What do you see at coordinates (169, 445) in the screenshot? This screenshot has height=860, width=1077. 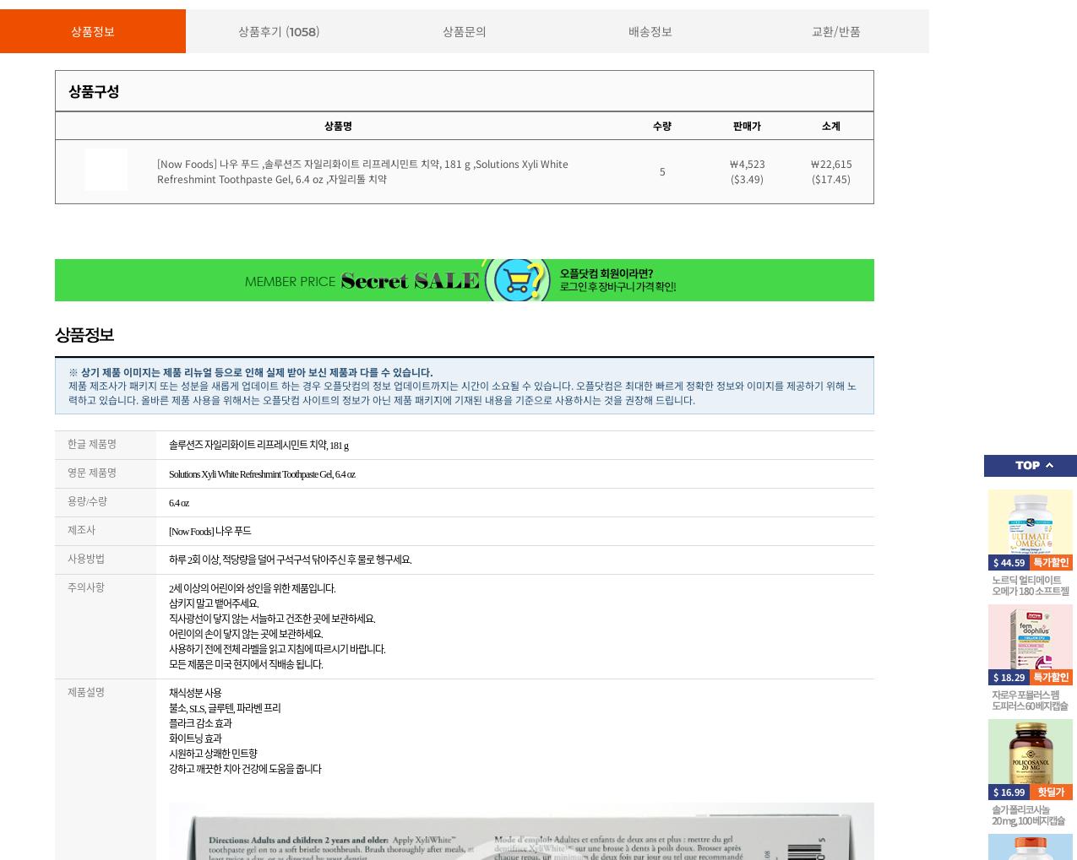 I see `'솔루션즈 자일리화이트 리프레시민트 치약, 181 g'` at bounding box center [169, 445].